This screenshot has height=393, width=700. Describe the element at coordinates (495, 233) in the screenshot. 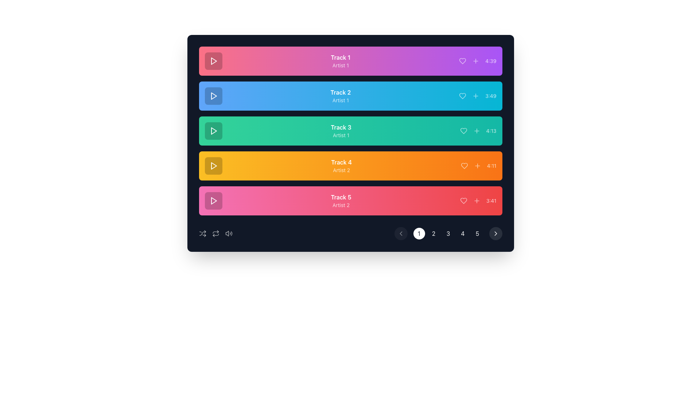

I see `the 'next' button located at the far-right side of the pagination section` at that location.